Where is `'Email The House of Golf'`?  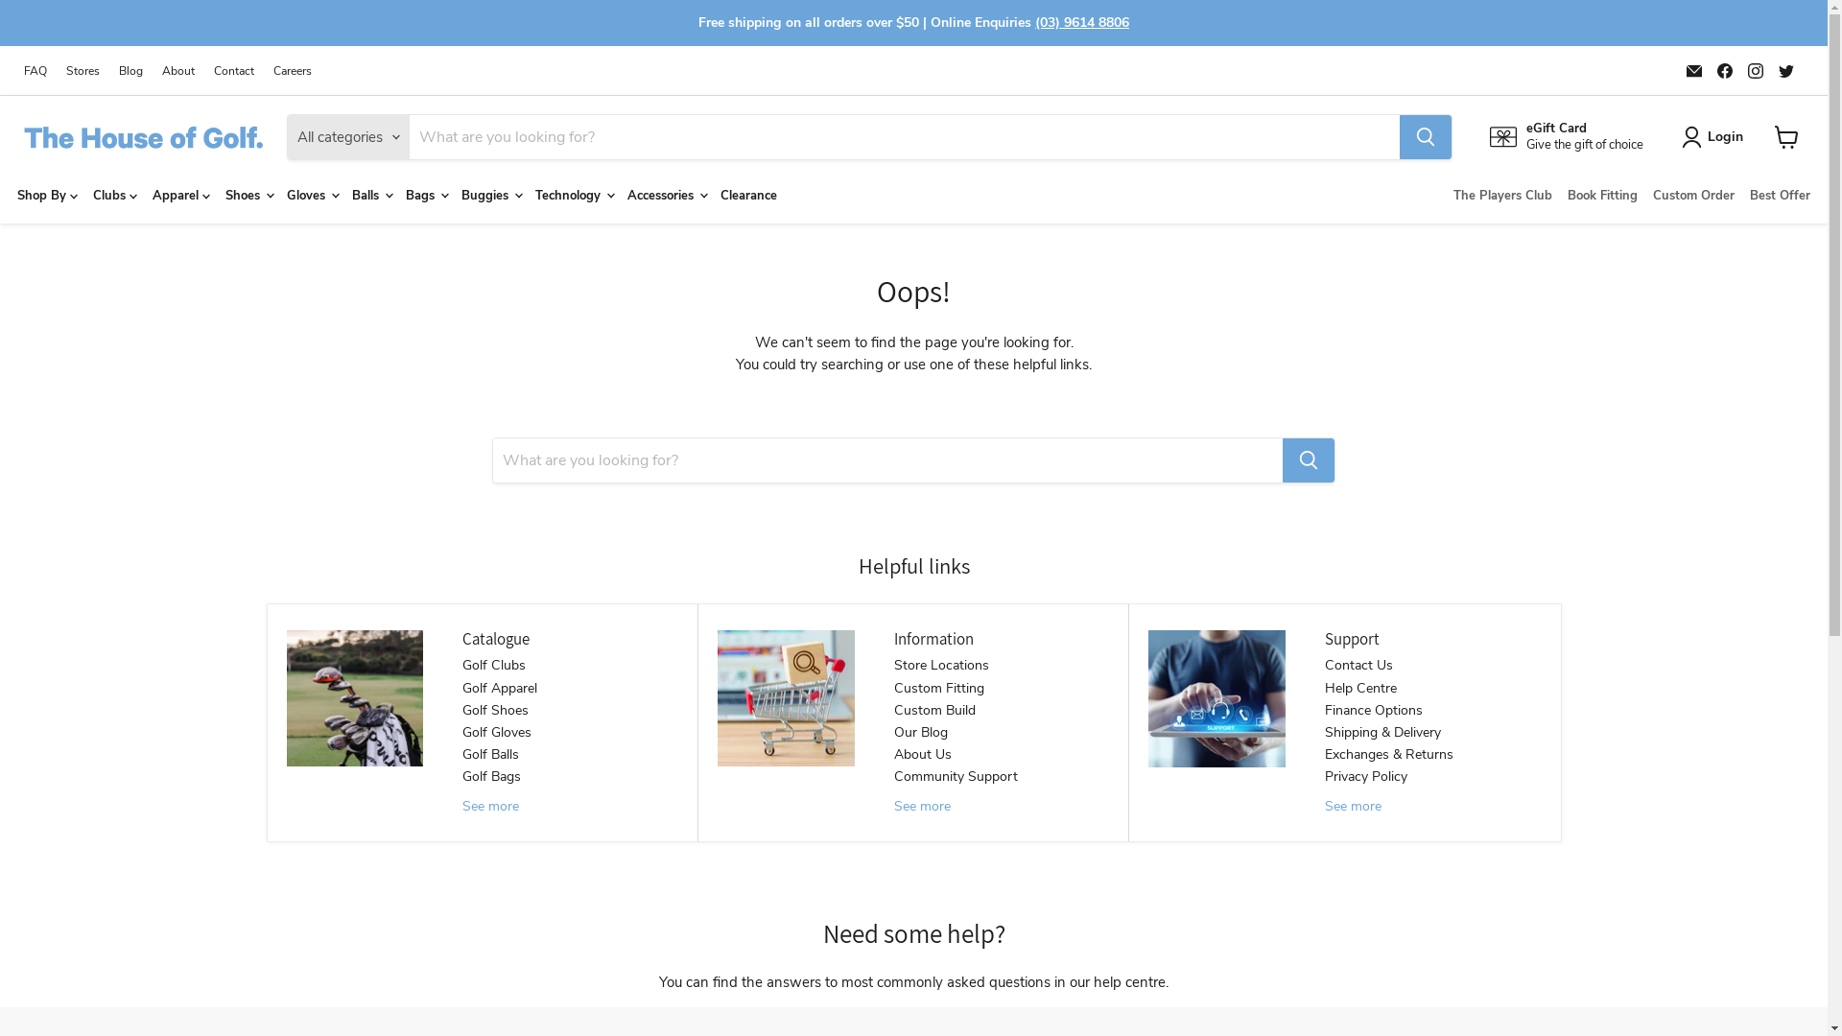 'Email The House of Golf' is located at coordinates (1694, 69).